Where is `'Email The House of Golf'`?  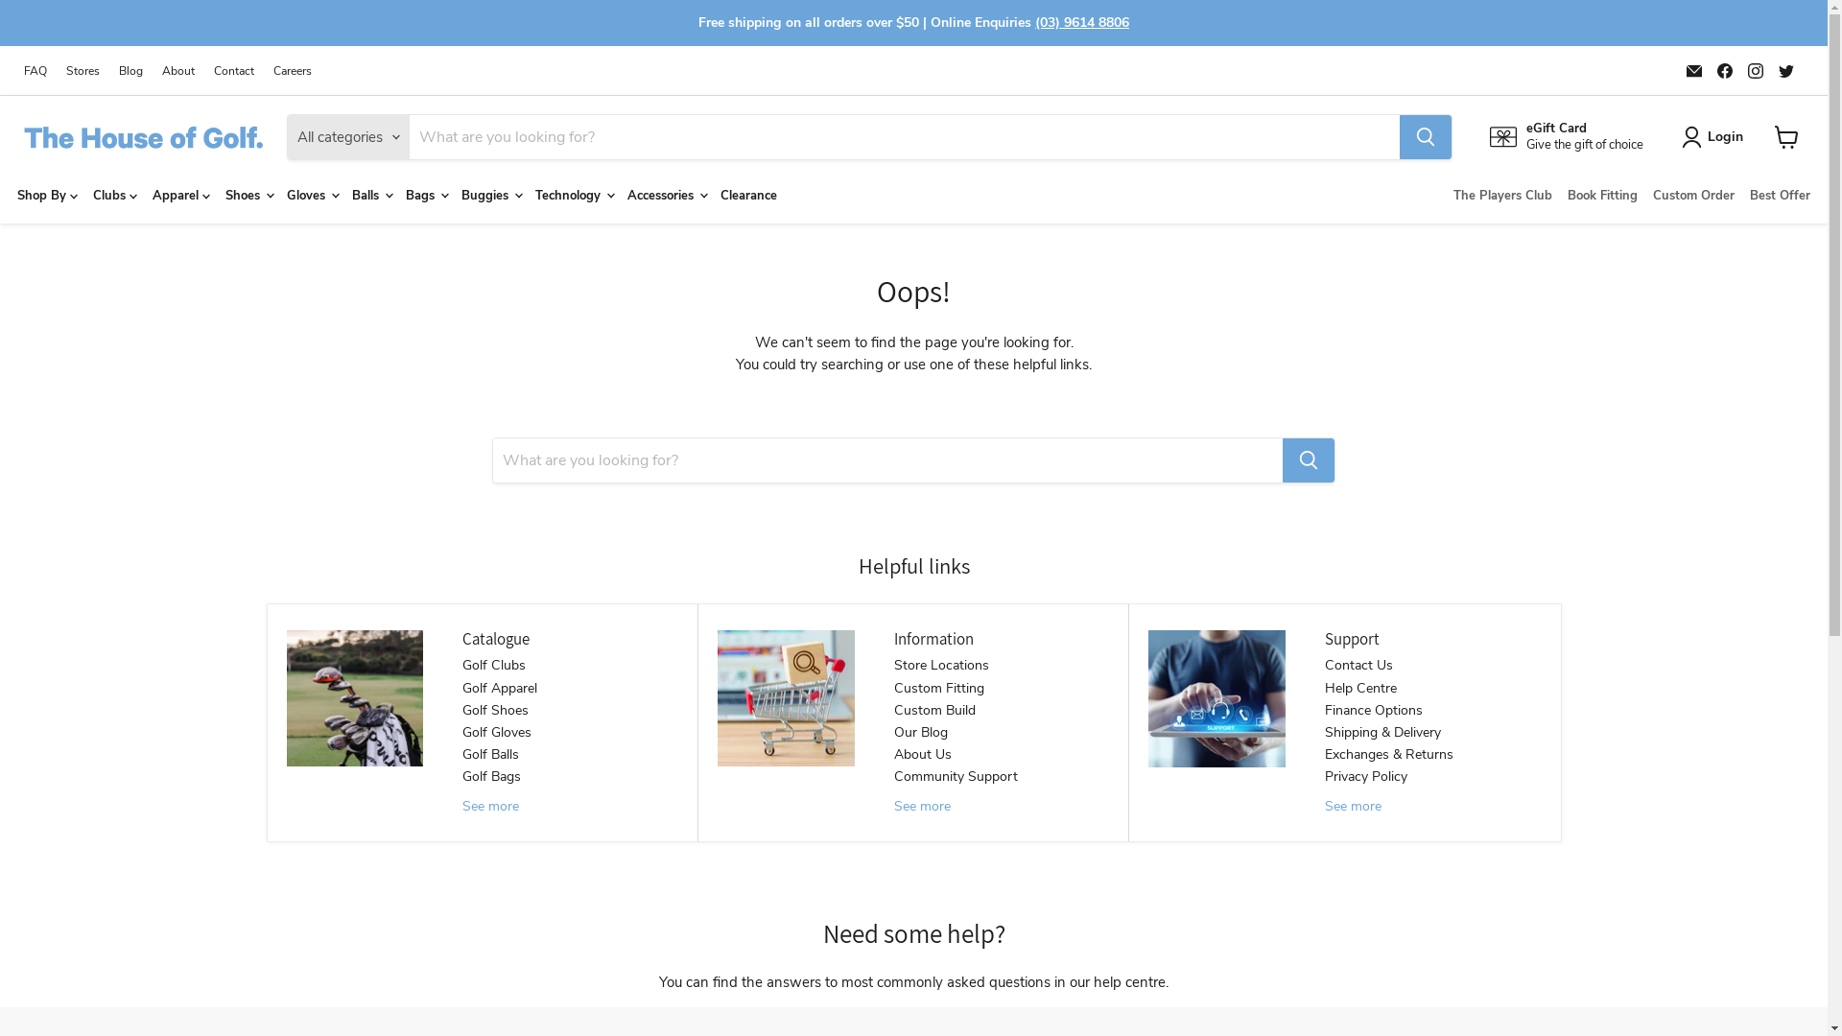 'Email The House of Golf' is located at coordinates (1694, 69).